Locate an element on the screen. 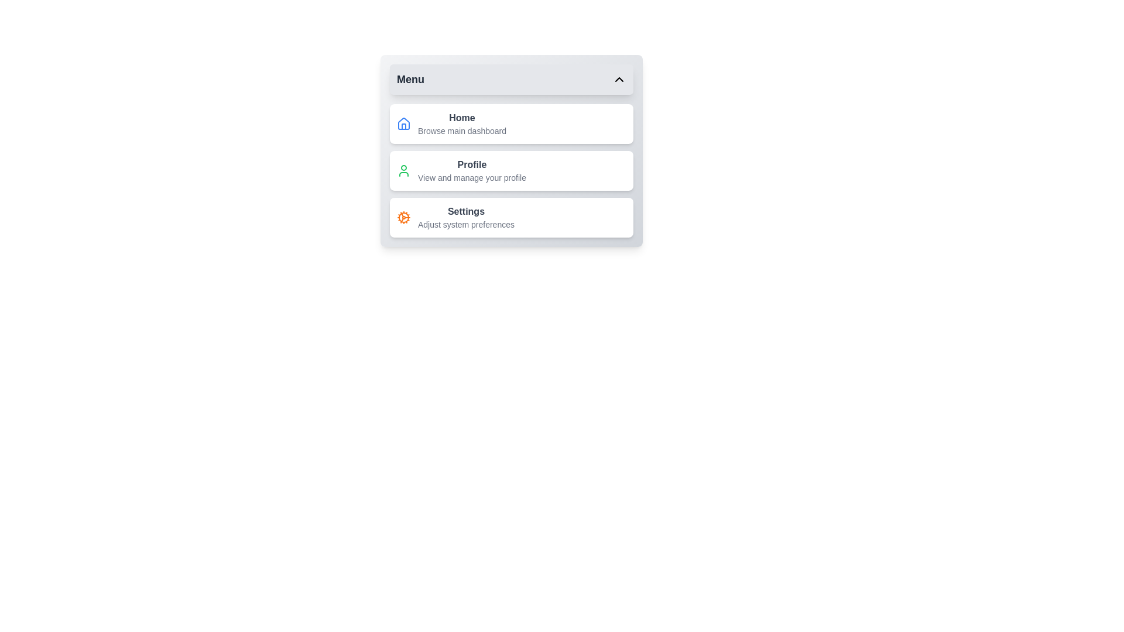  the icon associated with the menu item Home is located at coordinates (404, 124).